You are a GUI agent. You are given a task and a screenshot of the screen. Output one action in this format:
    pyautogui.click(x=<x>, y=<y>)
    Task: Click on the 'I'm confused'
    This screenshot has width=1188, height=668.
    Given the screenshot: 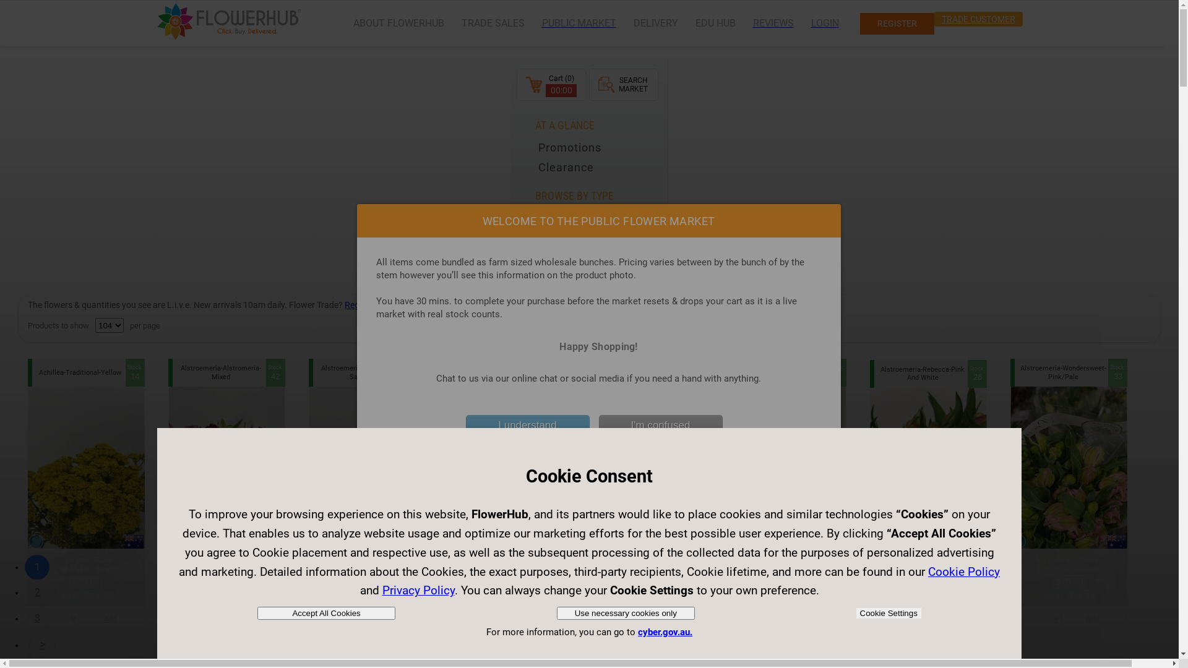 What is the action you would take?
    pyautogui.click(x=660, y=424)
    